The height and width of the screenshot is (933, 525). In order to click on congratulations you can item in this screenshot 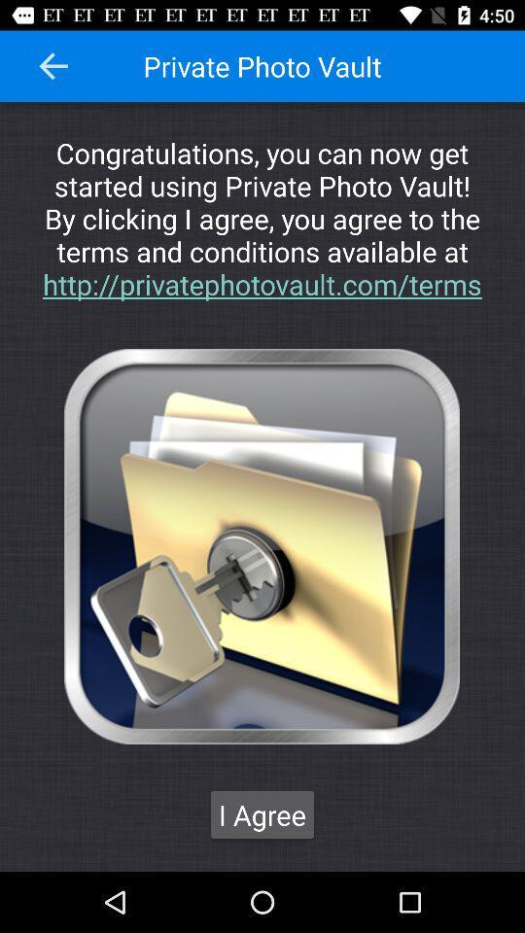, I will do `click(262, 218)`.